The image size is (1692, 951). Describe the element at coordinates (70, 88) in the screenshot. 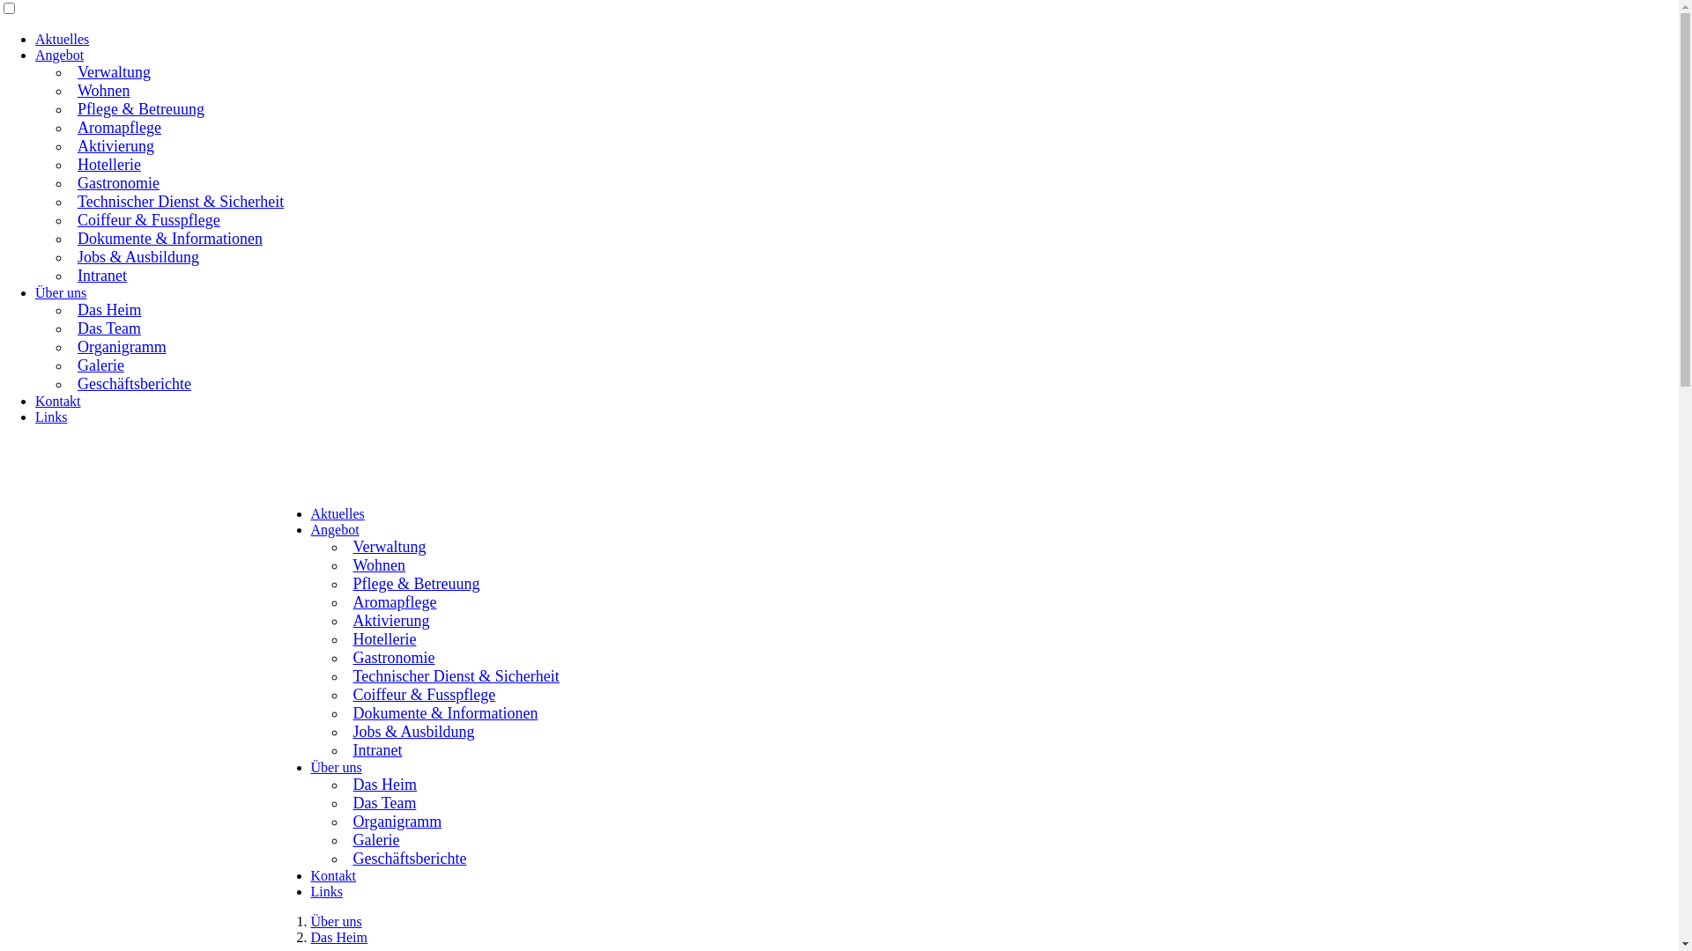

I see `'Wohnen'` at that location.